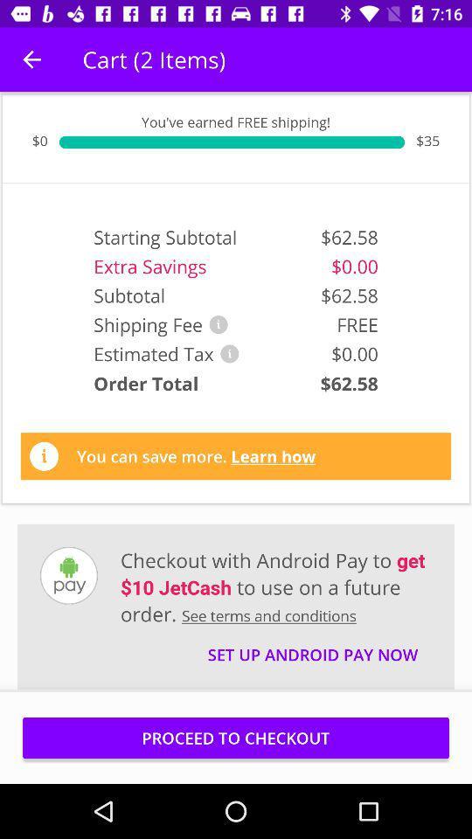 This screenshot has height=839, width=472. What do you see at coordinates (195, 455) in the screenshot?
I see `icon below the order total icon` at bounding box center [195, 455].